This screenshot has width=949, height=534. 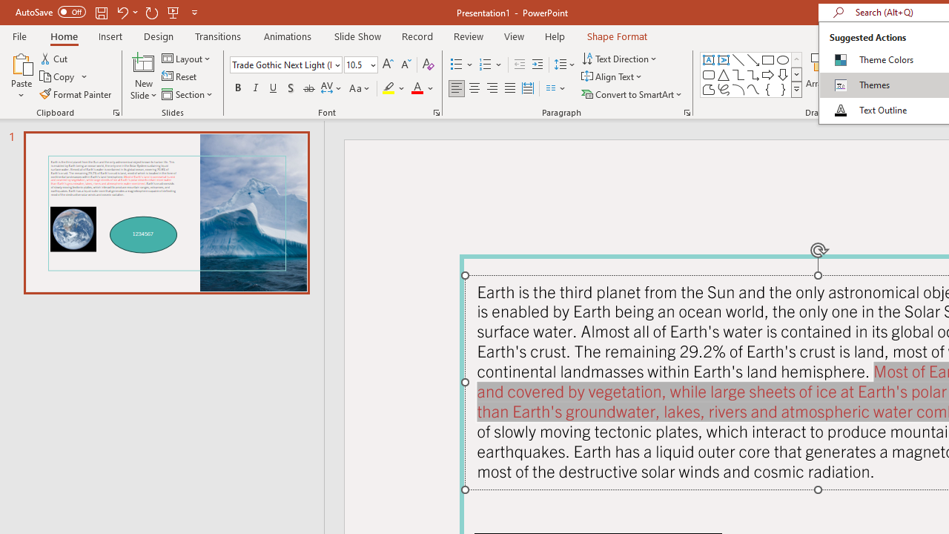 What do you see at coordinates (528, 88) in the screenshot?
I see `'Distributed'` at bounding box center [528, 88].